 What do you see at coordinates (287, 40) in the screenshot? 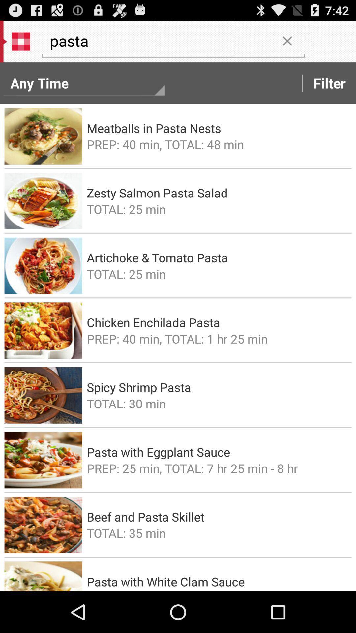
I see `item next to the pasta icon` at bounding box center [287, 40].